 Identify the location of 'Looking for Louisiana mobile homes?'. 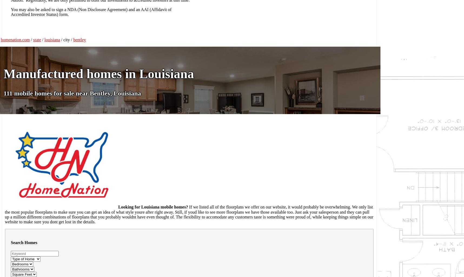
(153, 207).